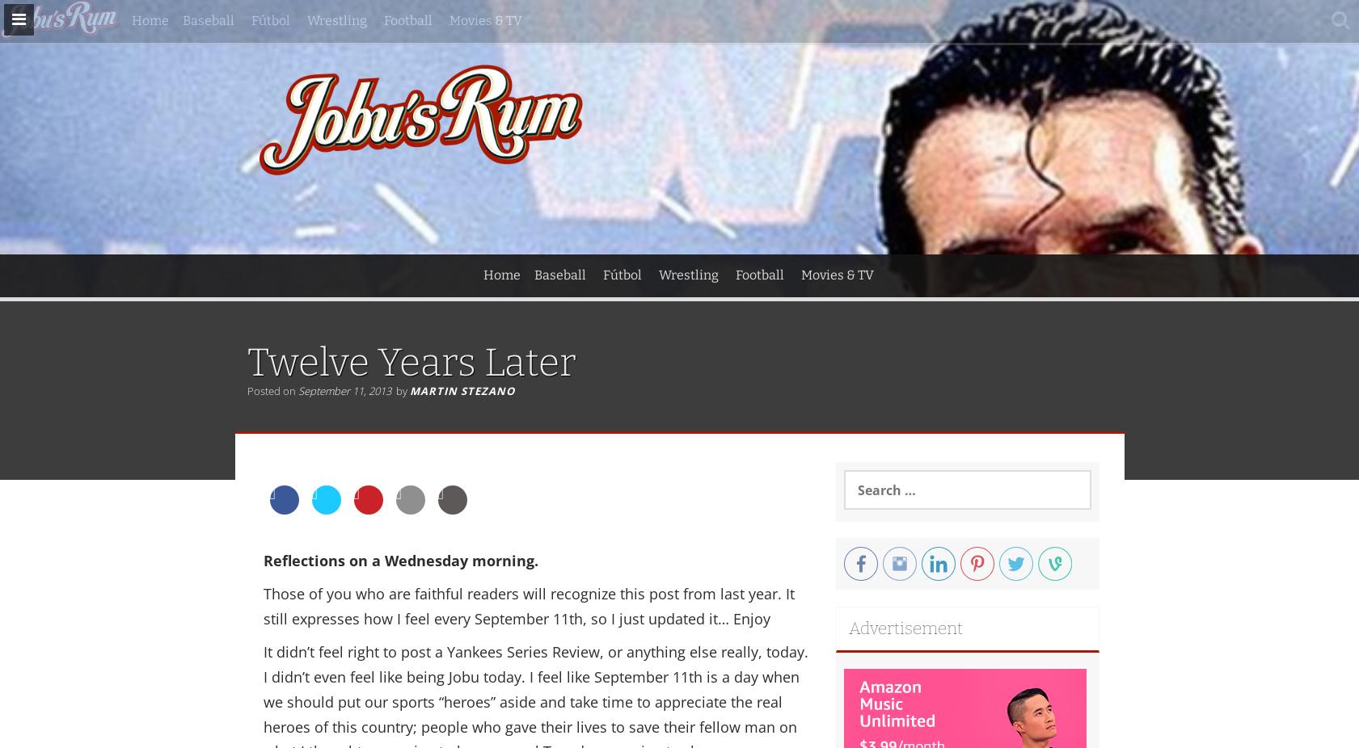  I want to click on 'Martin Stezano', so click(461, 390).